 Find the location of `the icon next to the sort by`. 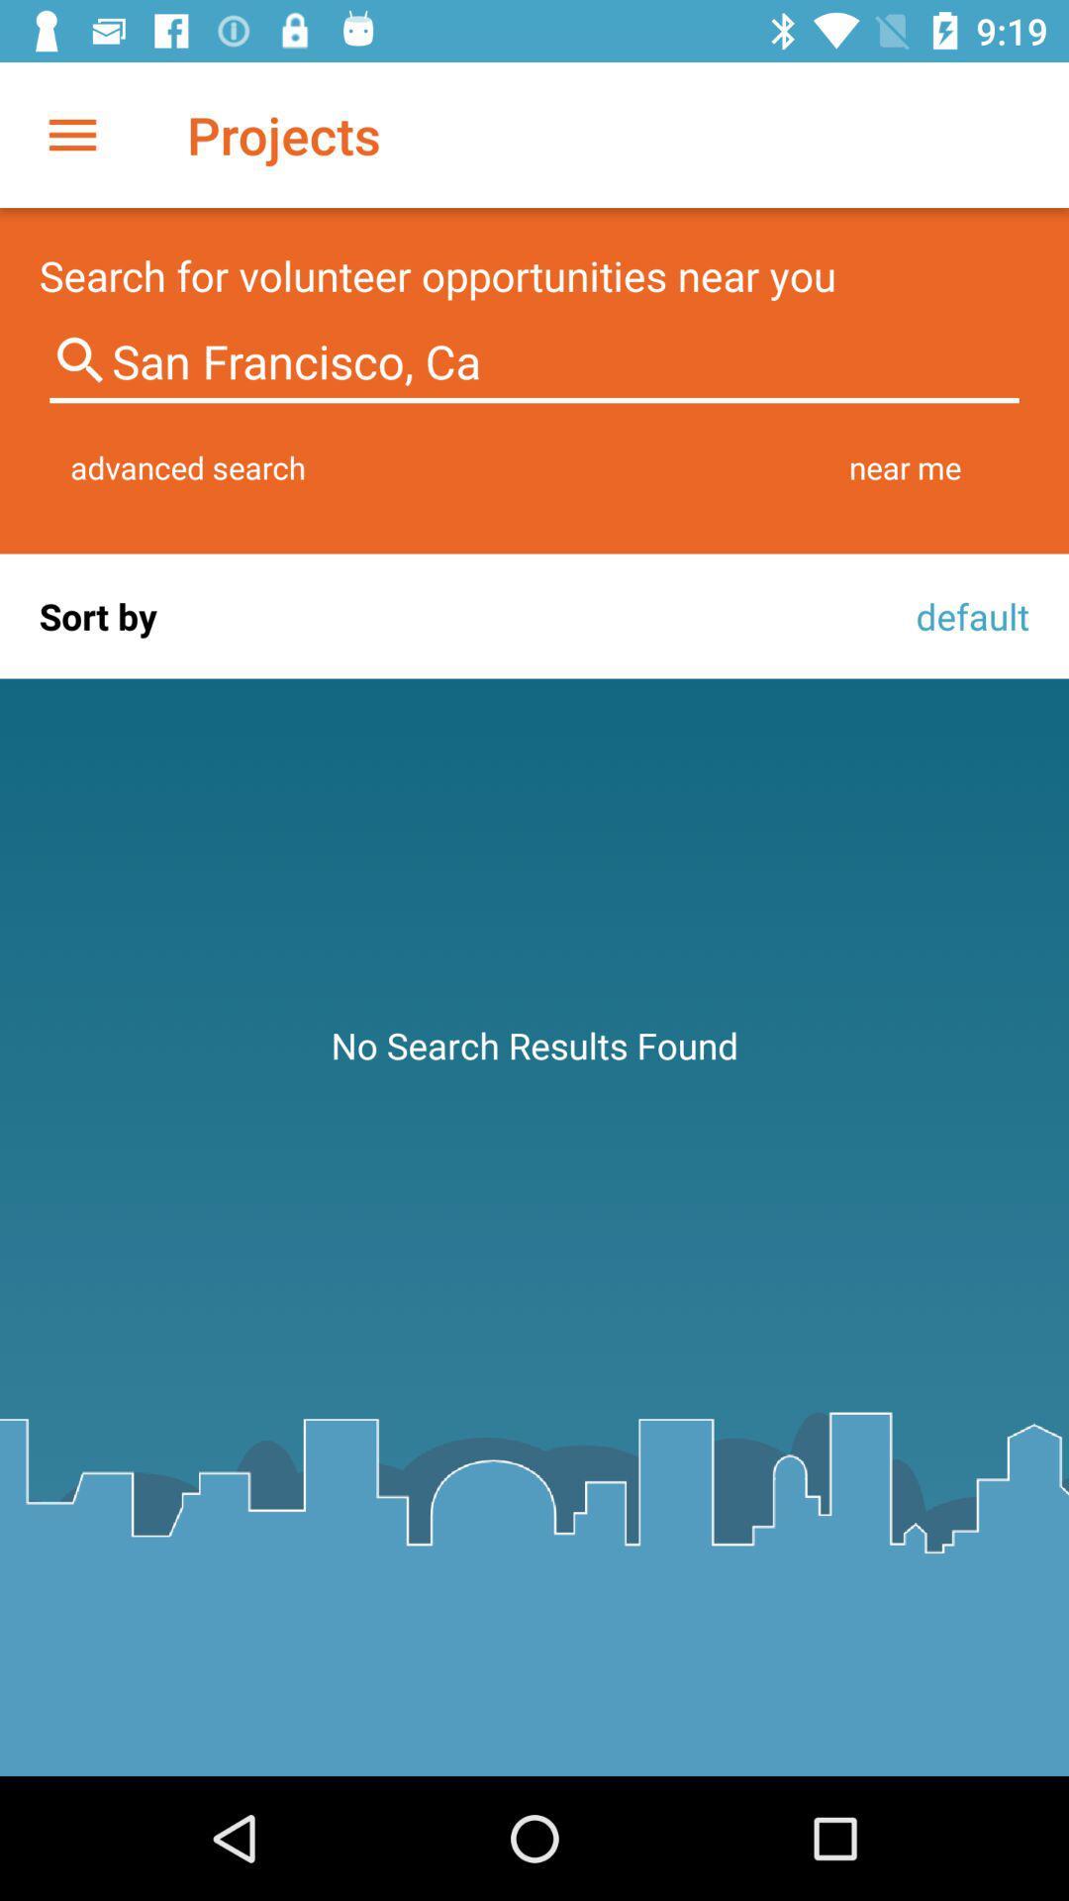

the icon next to the sort by is located at coordinates (966, 615).